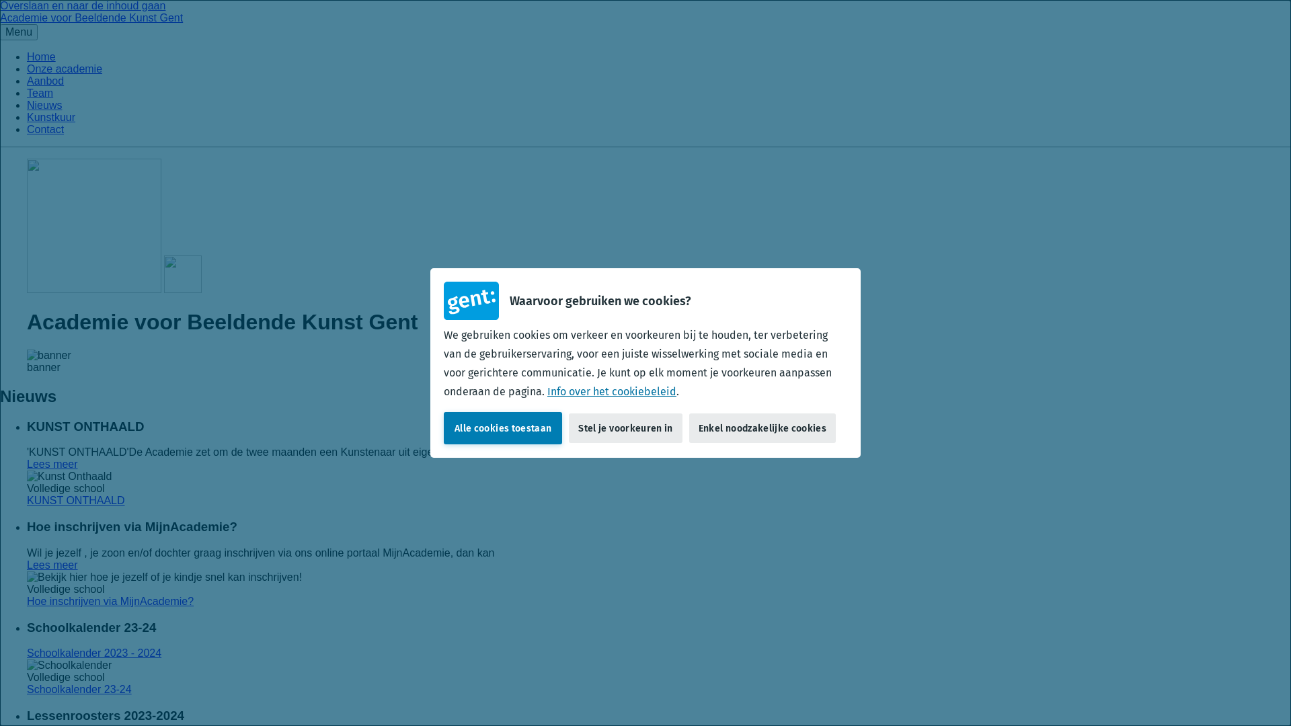 This screenshot has height=726, width=1291. Describe the element at coordinates (502, 428) in the screenshot. I see `'Alle cookies toestaan'` at that location.